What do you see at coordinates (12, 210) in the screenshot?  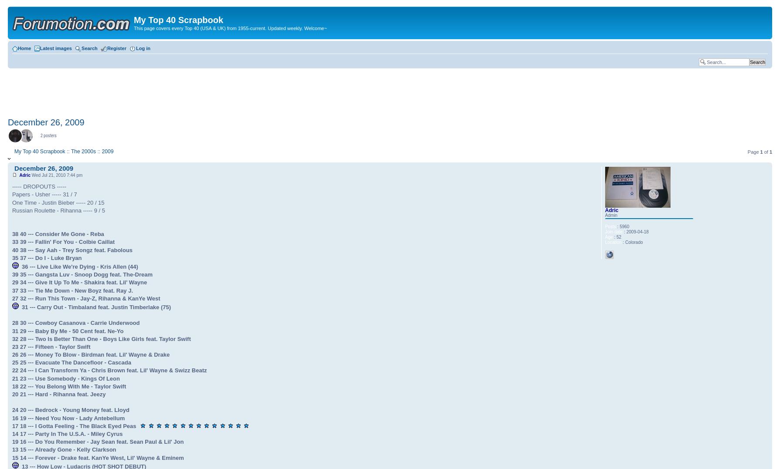 I see `'Russian Roulette - Rihanna ----- 9 / 5'` at bounding box center [12, 210].